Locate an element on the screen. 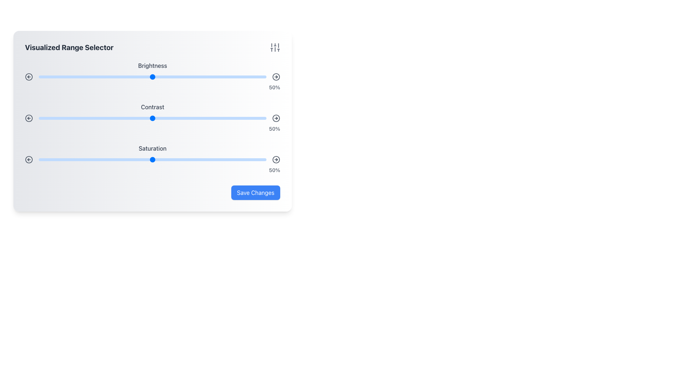 This screenshot has height=392, width=696. contrast is located at coordinates (161, 118).